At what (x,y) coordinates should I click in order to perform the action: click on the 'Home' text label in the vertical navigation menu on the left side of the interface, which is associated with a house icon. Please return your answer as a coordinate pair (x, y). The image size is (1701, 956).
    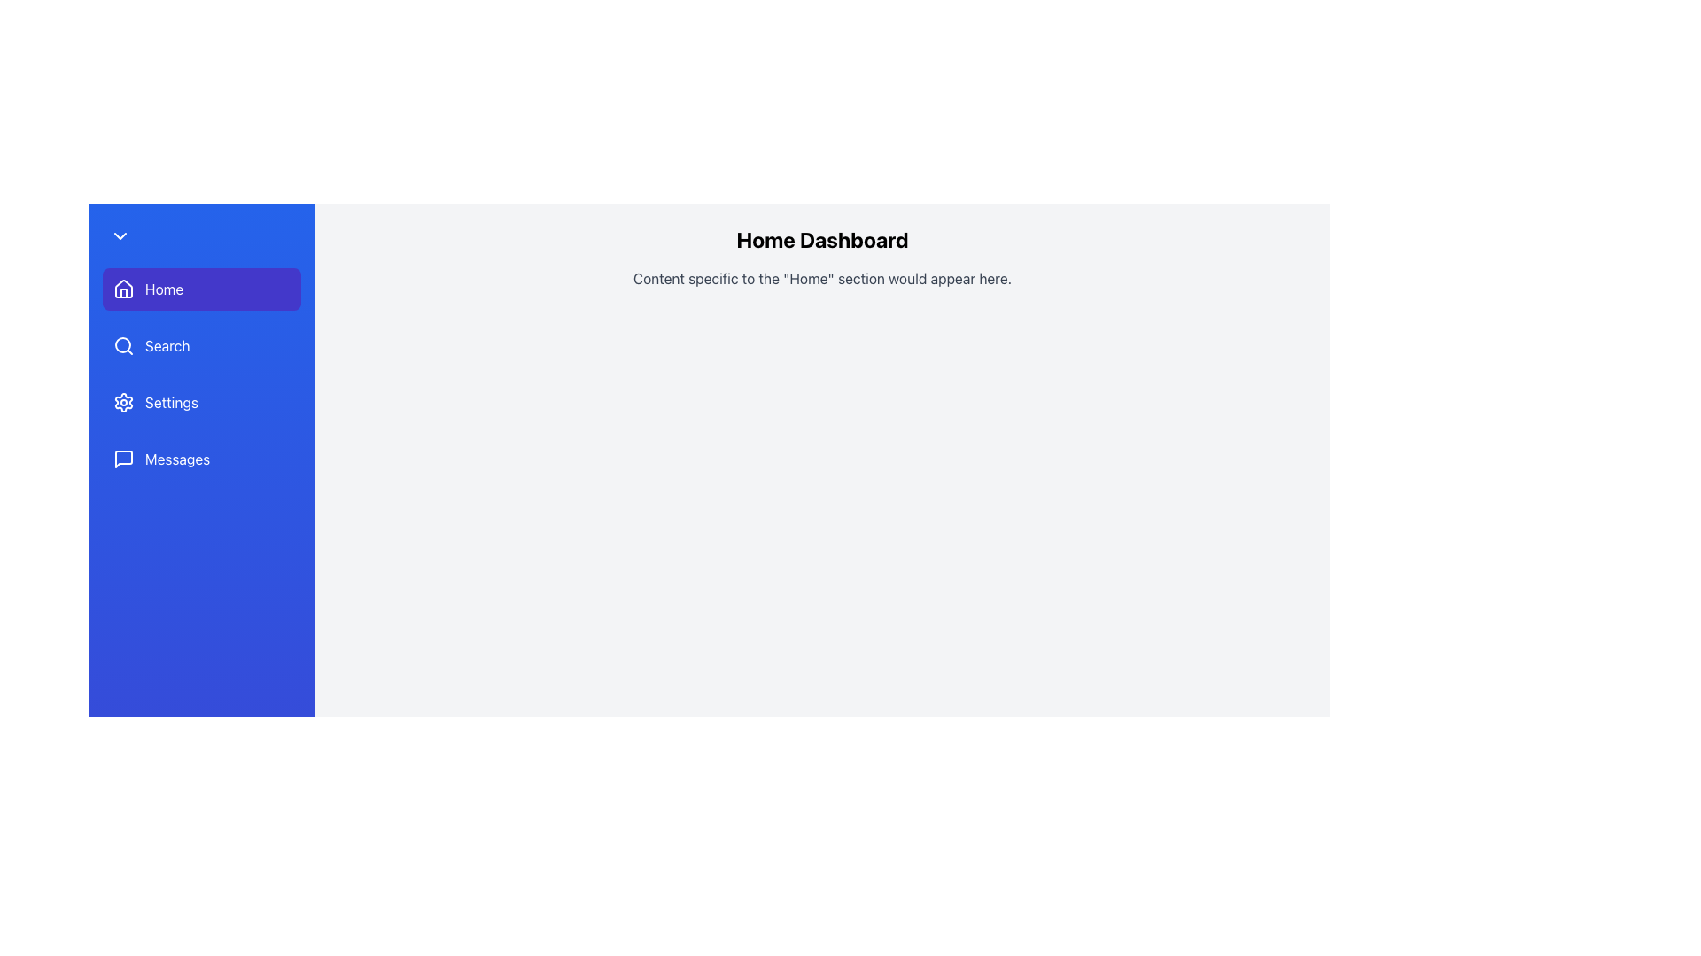
    Looking at the image, I should click on (164, 289).